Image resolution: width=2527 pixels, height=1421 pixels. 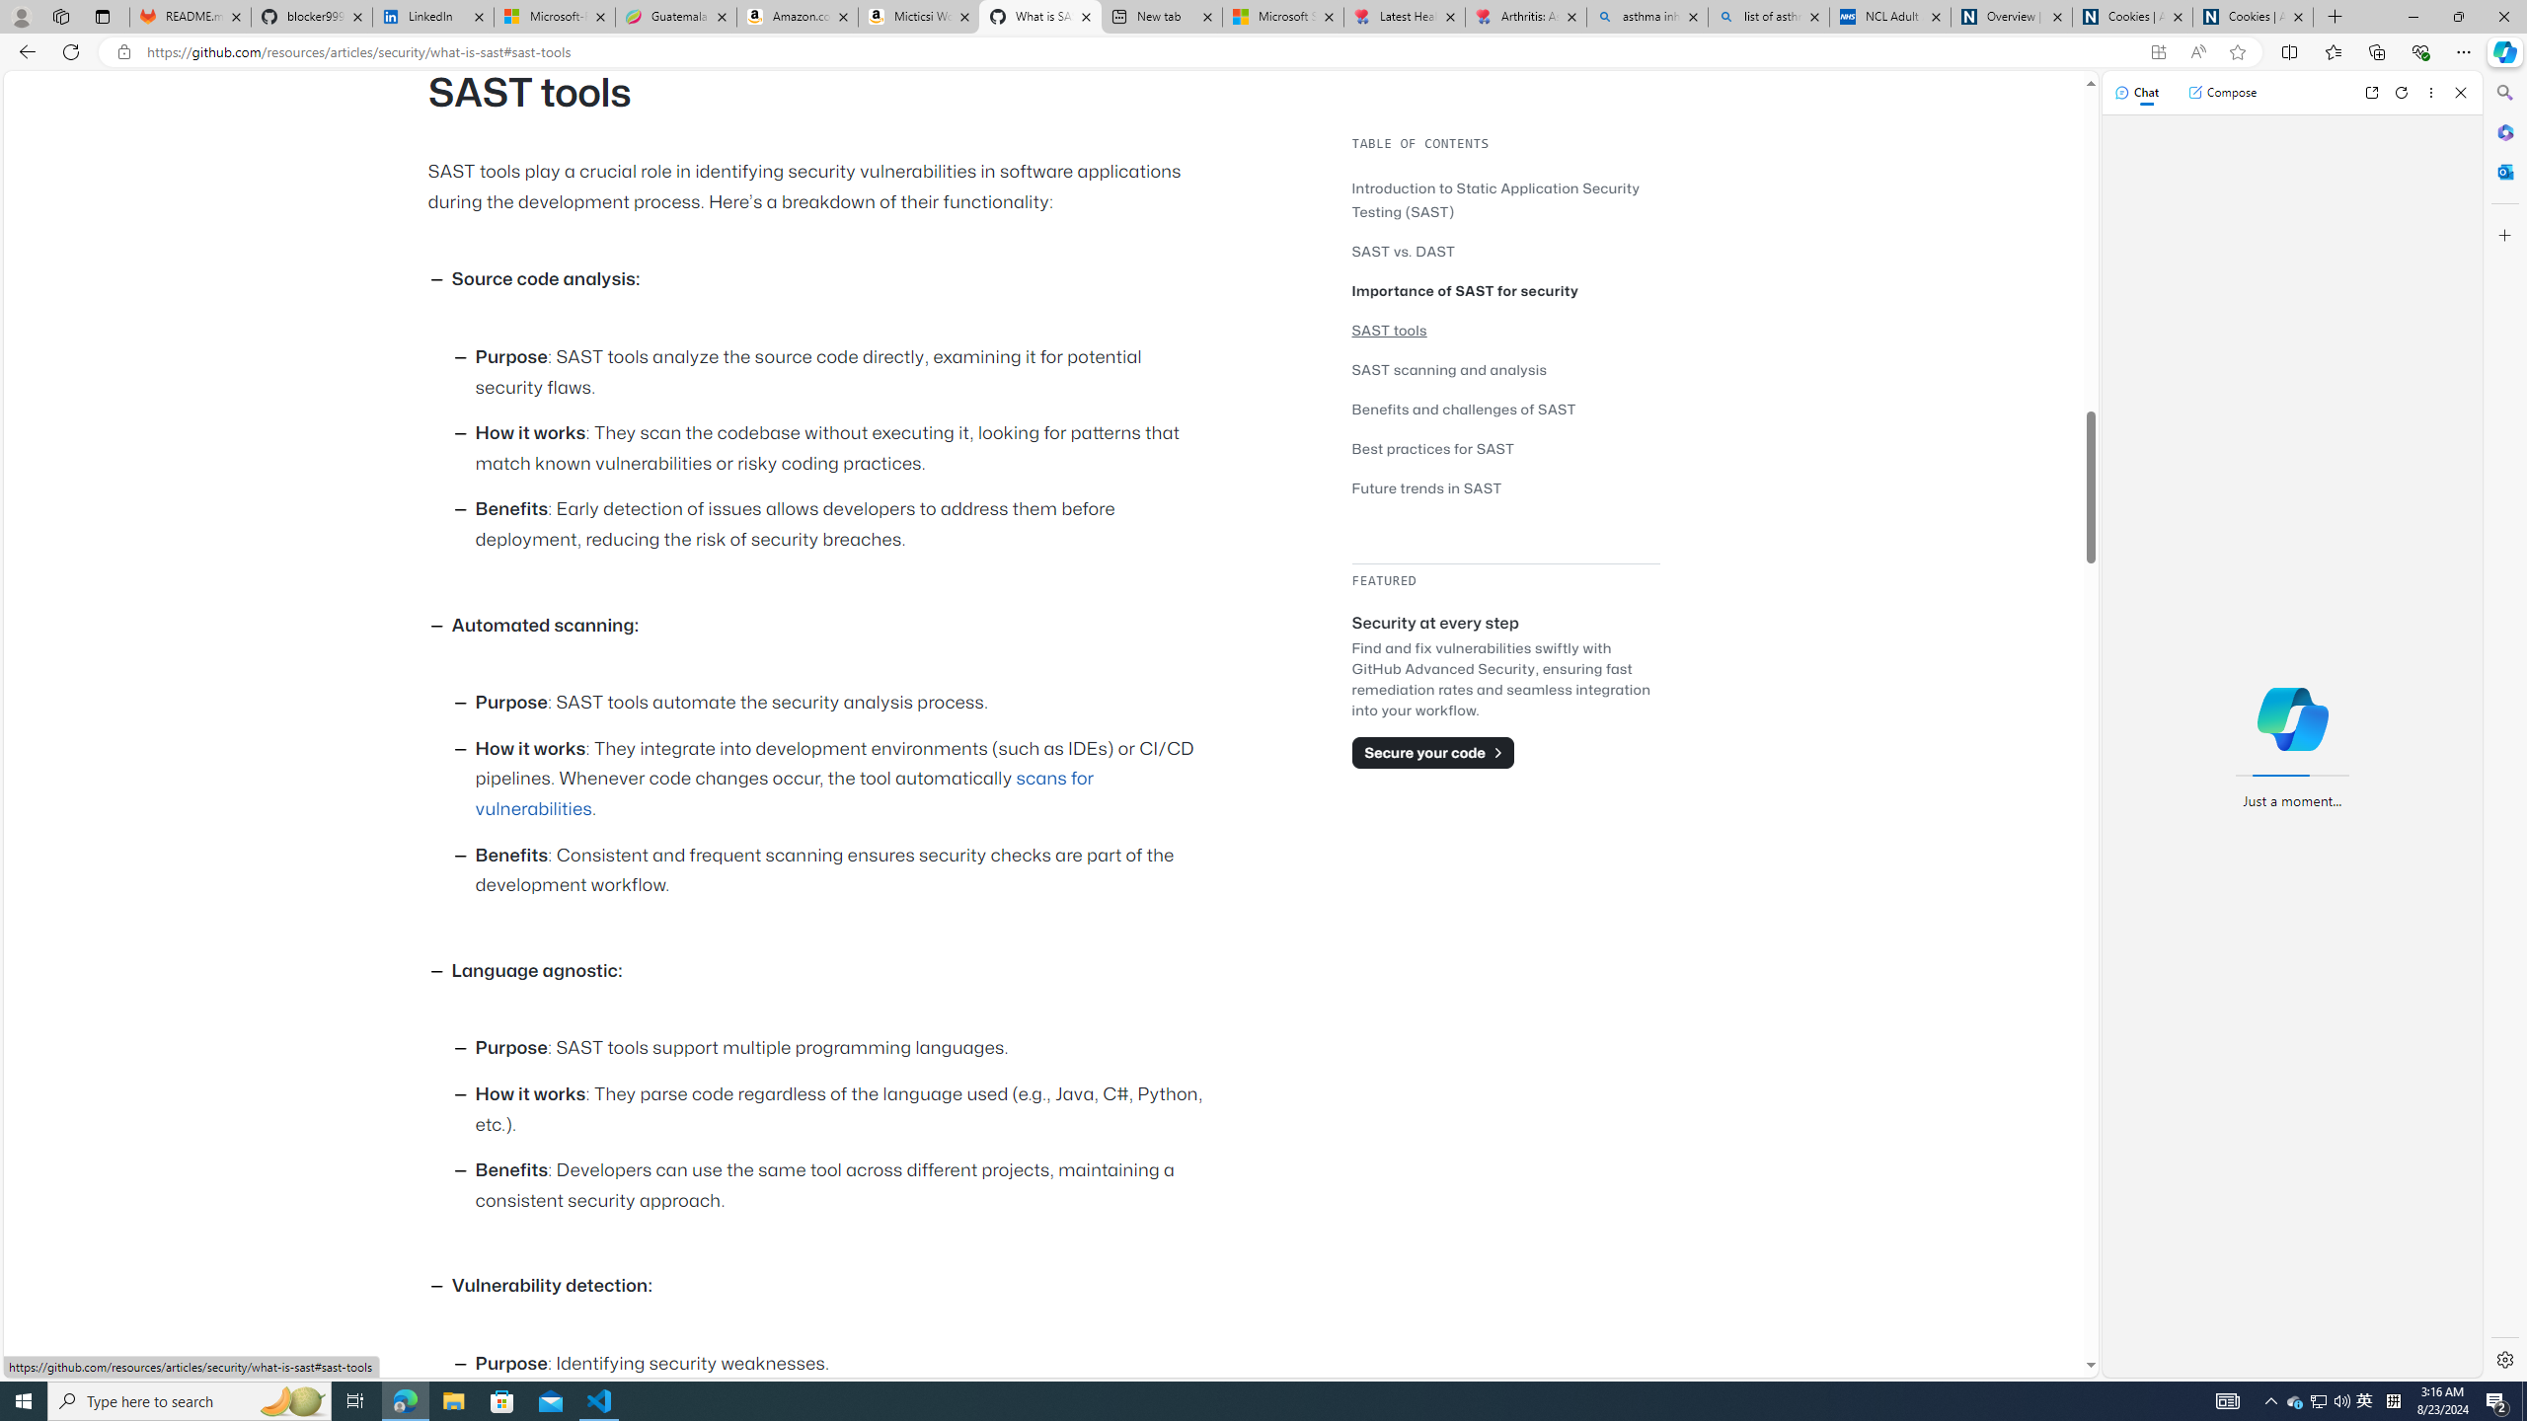 What do you see at coordinates (1432, 752) in the screenshot?
I see `'Secure your code'` at bounding box center [1432, 752].